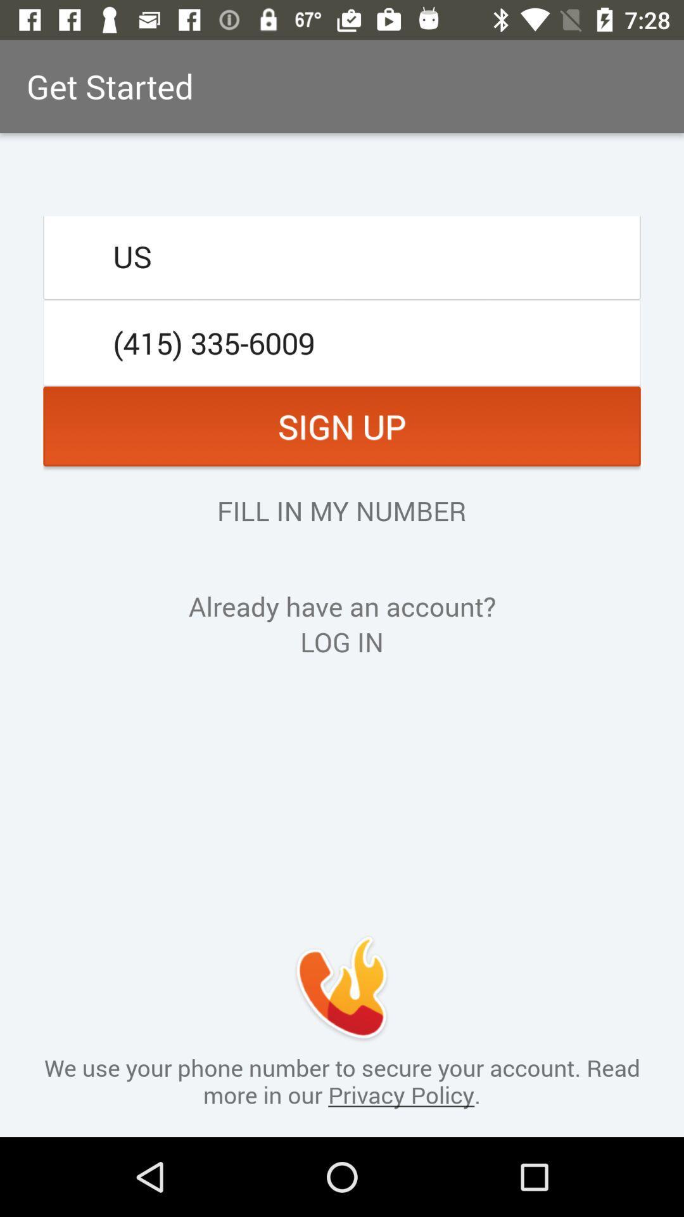 This screenshot has height=1217, width=684. Describe the element at coordinates (342, 255) in the screenshot. I see `us` at that location.